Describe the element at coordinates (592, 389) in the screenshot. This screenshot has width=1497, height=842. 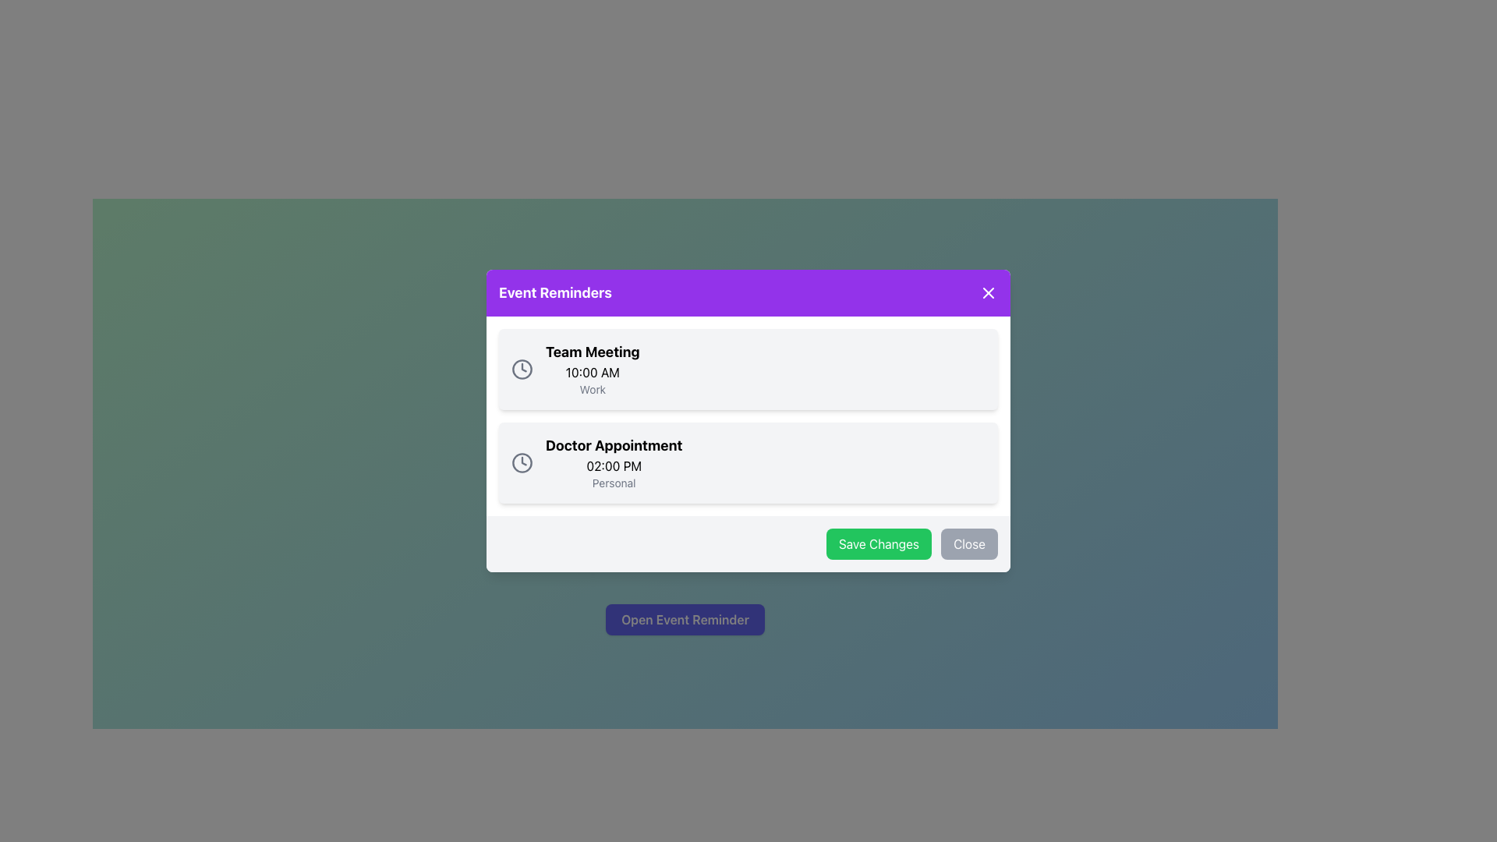
I see `the text label displaying 'Work' positioned below the '10:00 AM' time text in the event details for 'Team Meeting.'` at that location.